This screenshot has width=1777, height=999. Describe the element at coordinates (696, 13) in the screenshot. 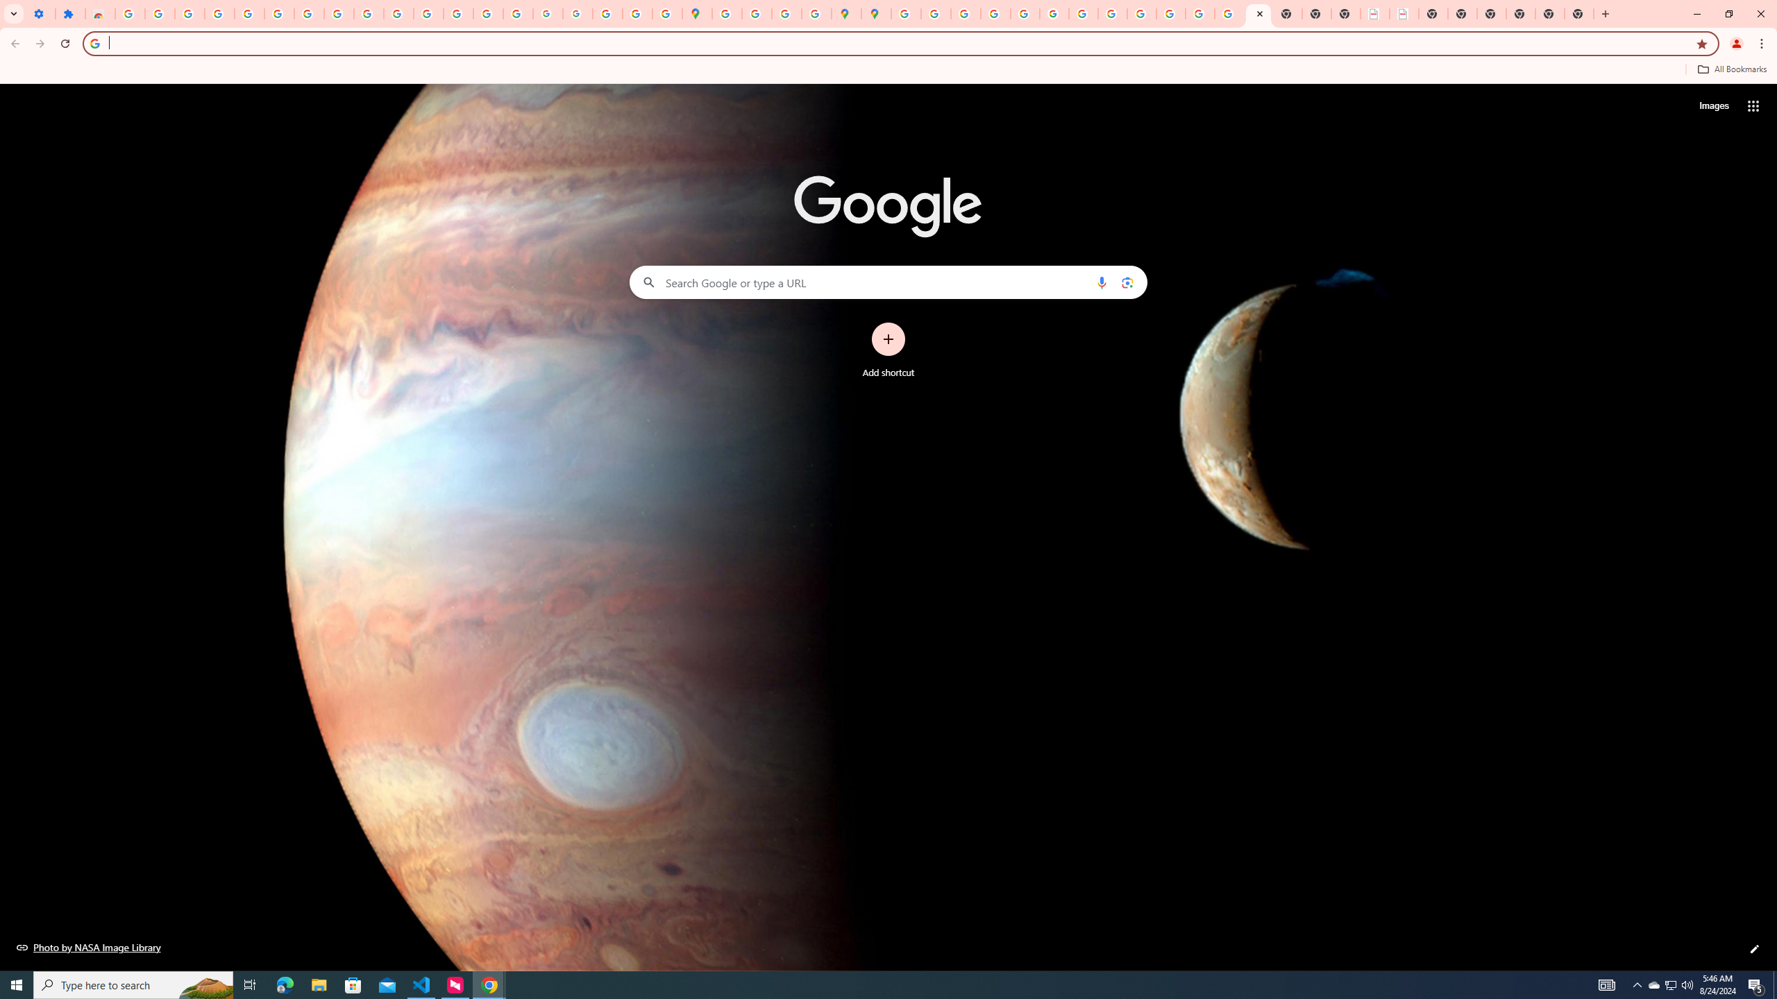

I see `'Google Maps'` at that location.